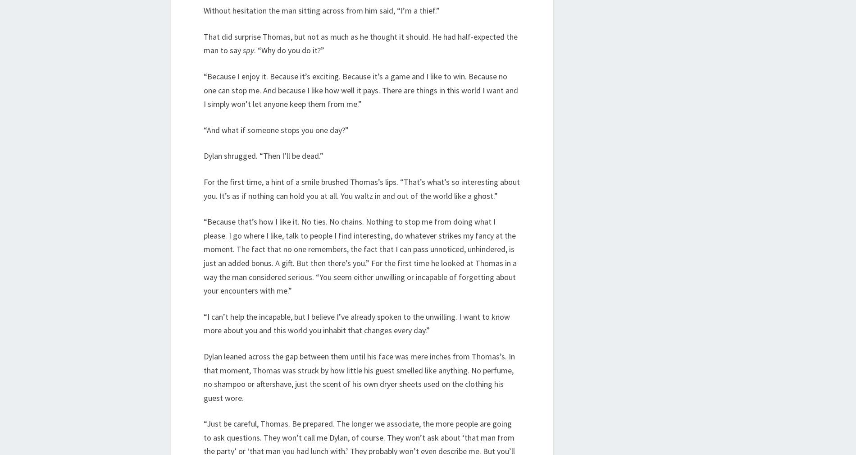  Describe the element at coordinates (356, 323) in the screenshot. I see `'“I can’t help the incapable, but I believe I’ve already spoken to the unwilling. I want to know more about you and this world you inhabit that changes every day.”'` at that location.